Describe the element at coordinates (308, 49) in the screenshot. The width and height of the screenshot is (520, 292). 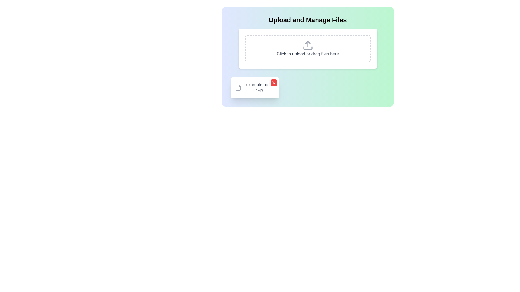
I see `files onto the Interactive file upload dropzone located below the heading 'Upload and Manage Files'` at that location.